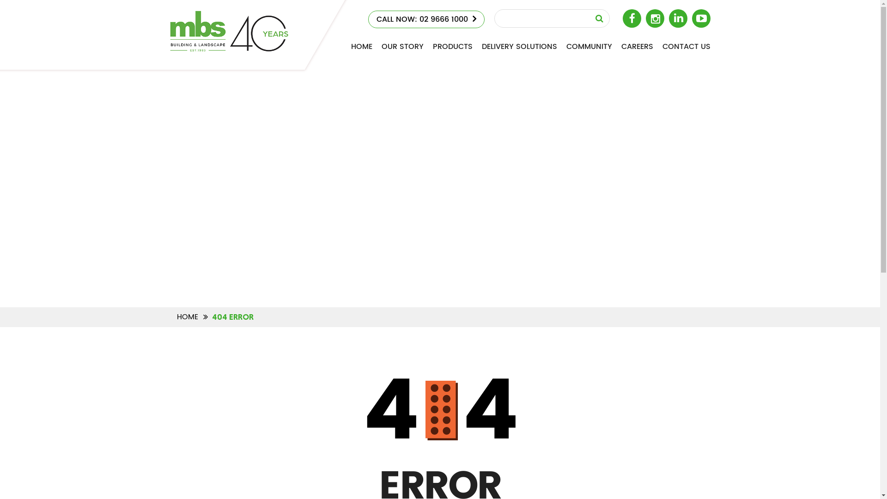 Image resolution: width=887 pixels, height=499 pixels. Describe the element at coordinates (452, 47) in the screenshot. I see `'PRODUCTS'` at that location.